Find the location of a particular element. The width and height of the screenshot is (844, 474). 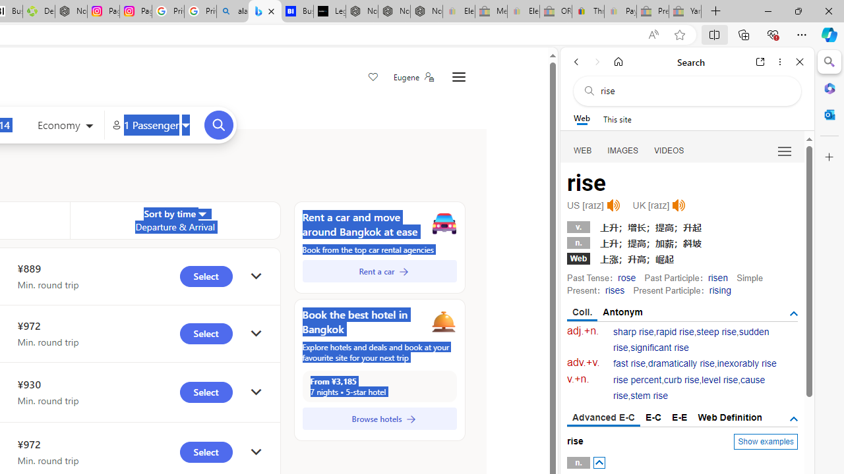

'WEB' is located at coordinates (582, 149).